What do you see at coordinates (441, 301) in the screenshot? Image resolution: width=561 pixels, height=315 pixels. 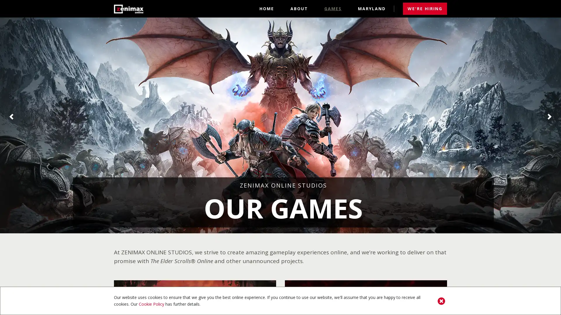 I see `Close Cookie Policy` at bounding box center [441, 301].